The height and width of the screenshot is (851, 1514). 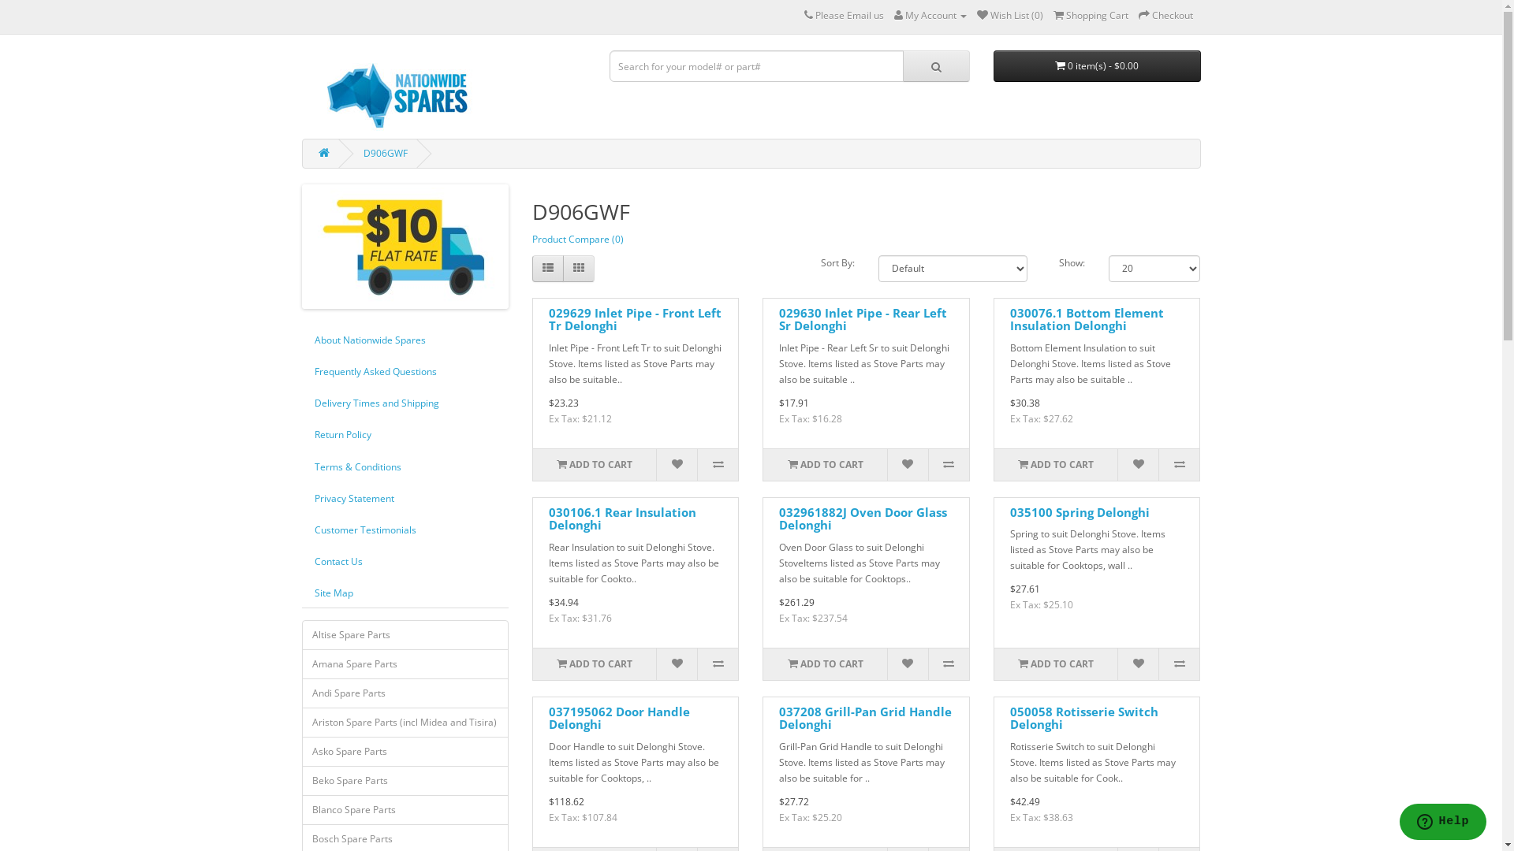 What do you see at coordinates (1096, 65) in the screenshot?
I see `'0 item(s) - $0.00'` at bounding box center [1096, 65].